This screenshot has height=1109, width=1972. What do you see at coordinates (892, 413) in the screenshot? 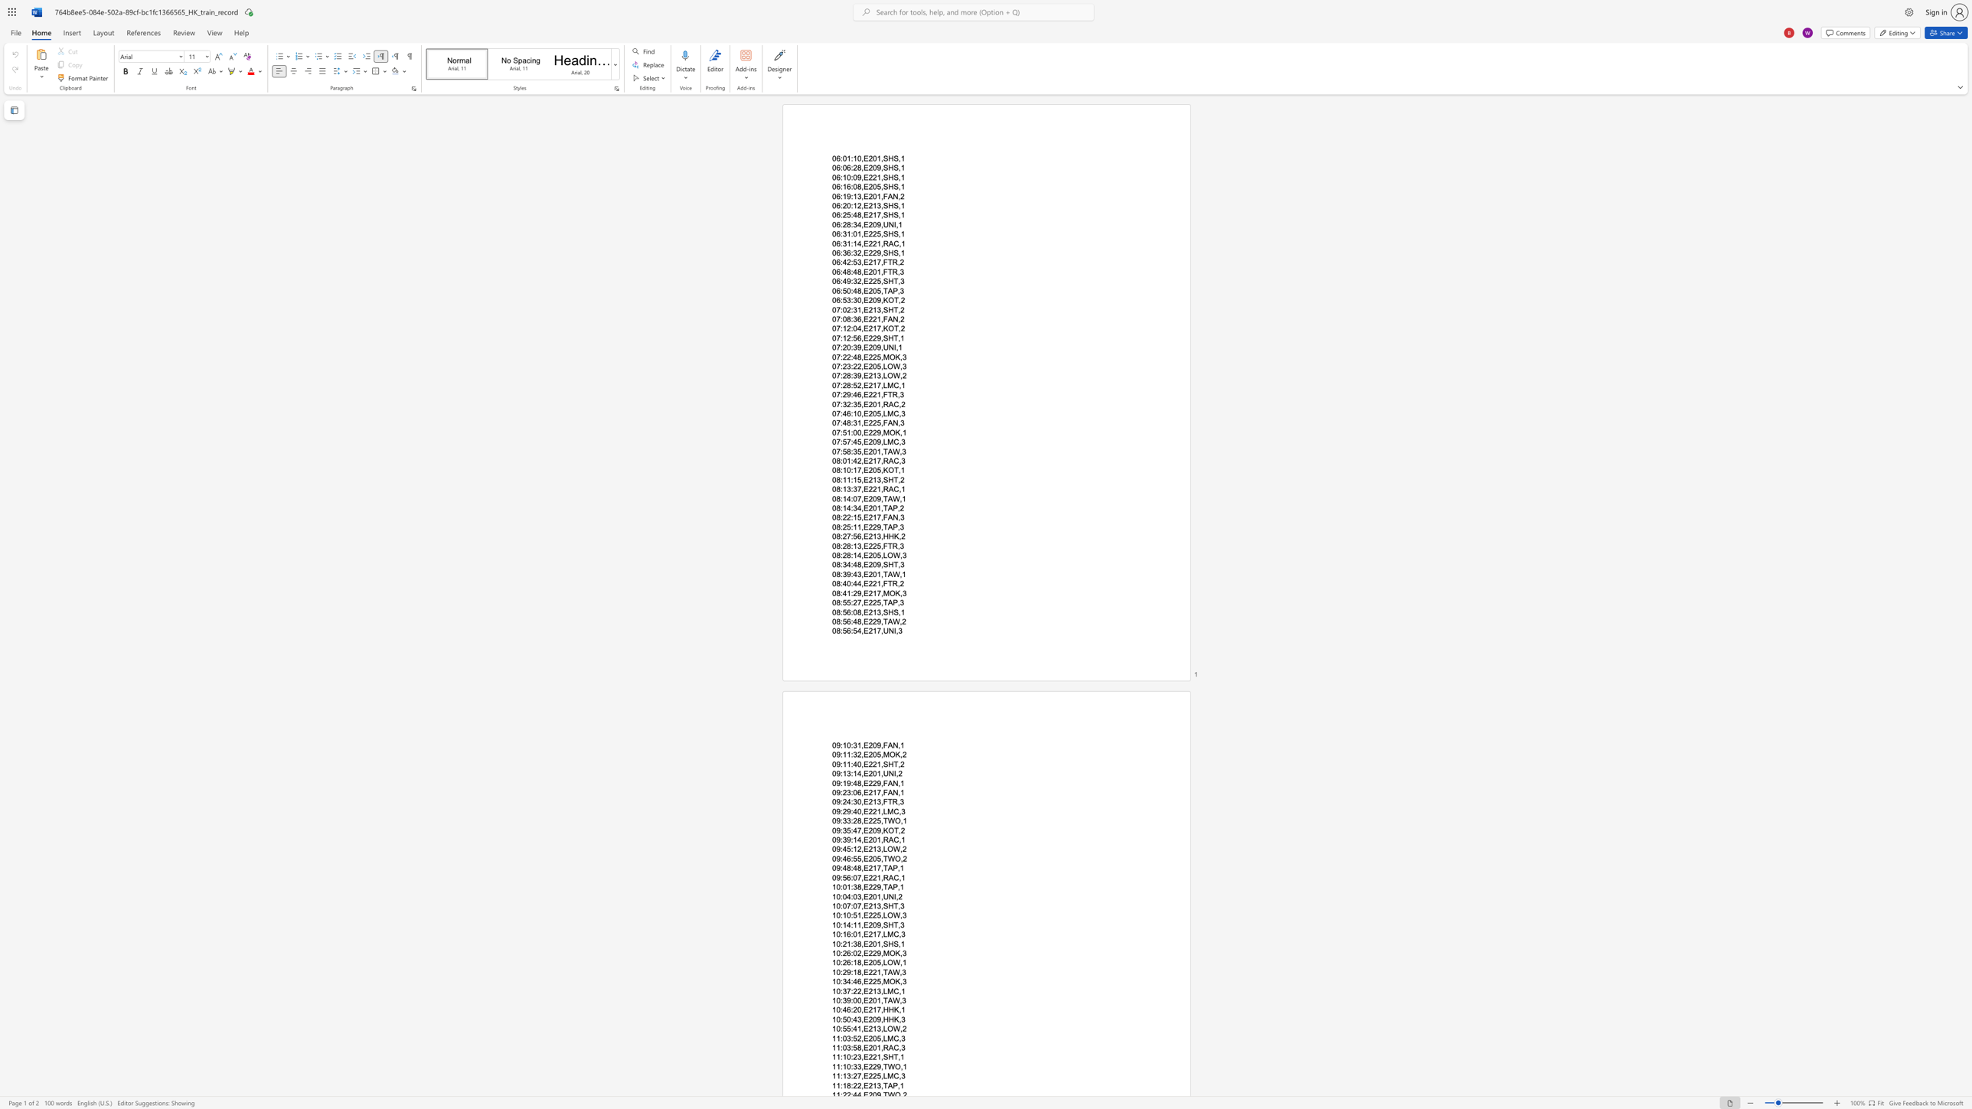
I see `the space between the continuous character "M" and "C" in the text` at bounding box center [892, 413].